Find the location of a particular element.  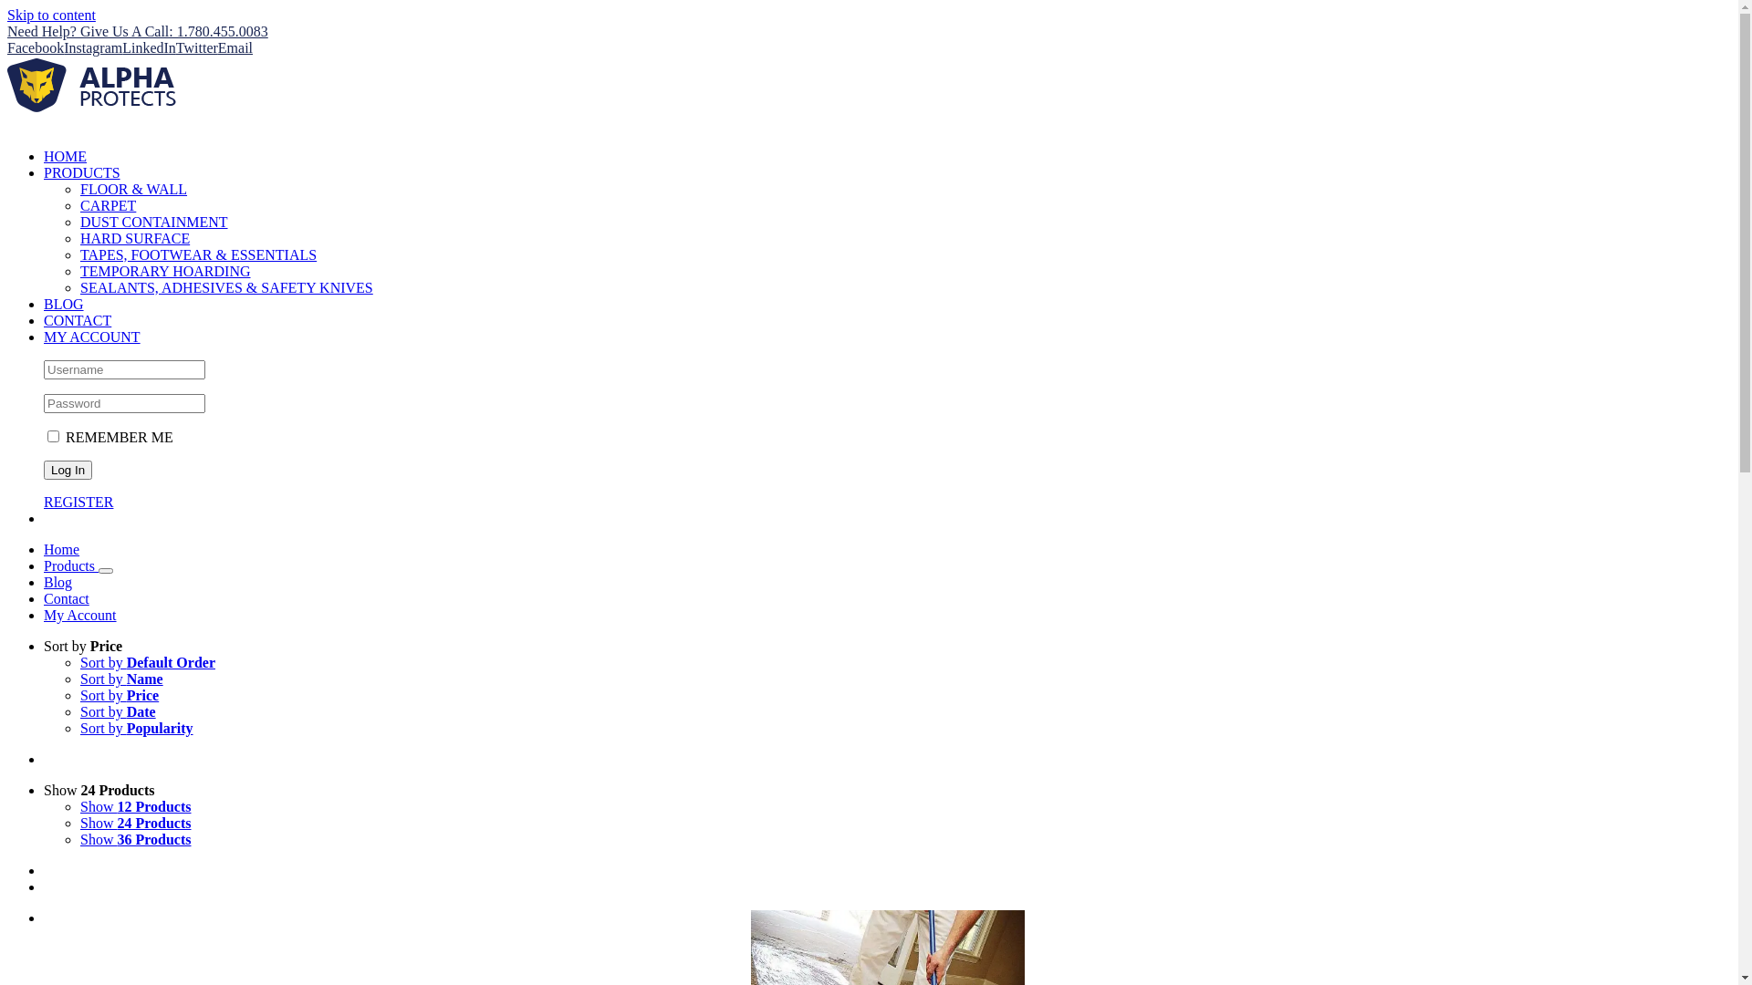

'Instagram' is located at coordinates (64, 47).